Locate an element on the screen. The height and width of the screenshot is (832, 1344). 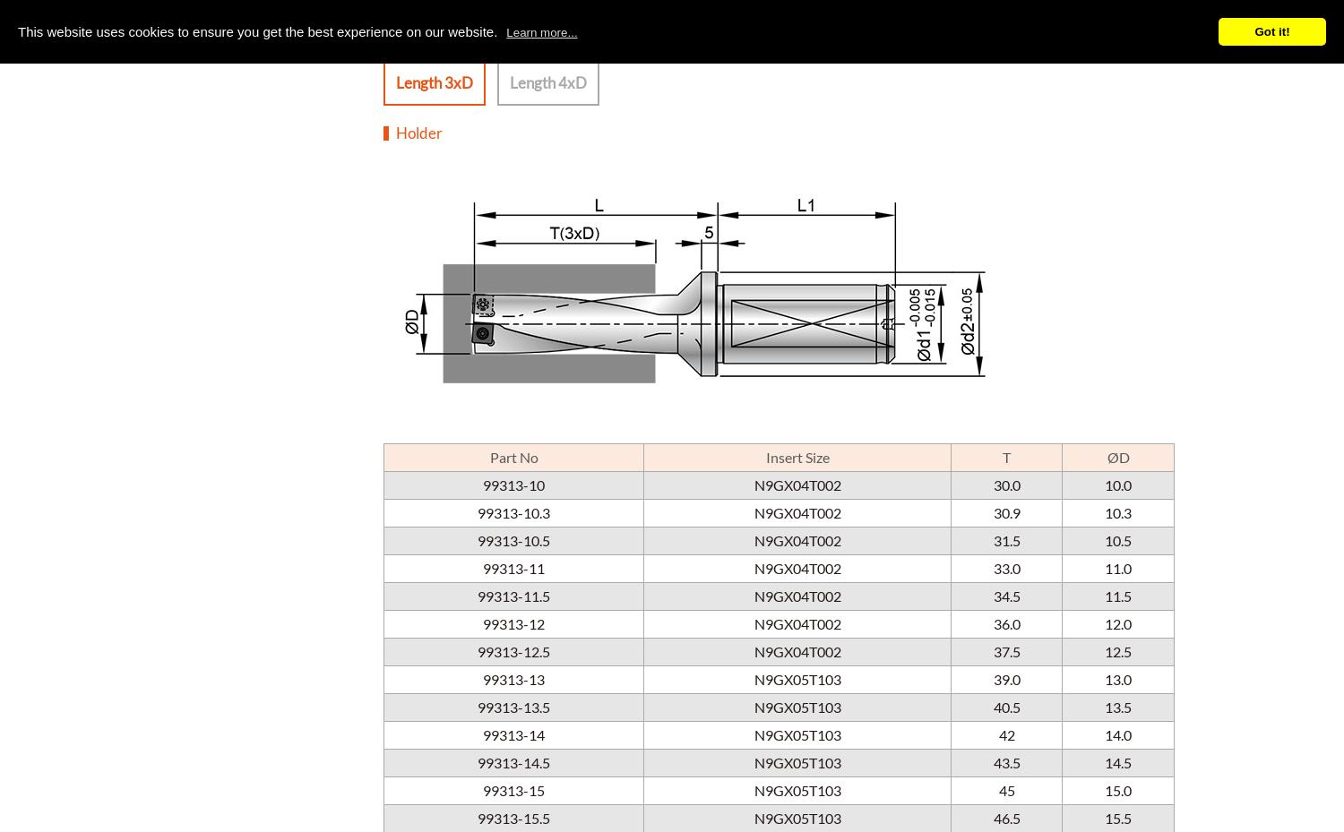
'30.9' is located at coordinates (992, 510).